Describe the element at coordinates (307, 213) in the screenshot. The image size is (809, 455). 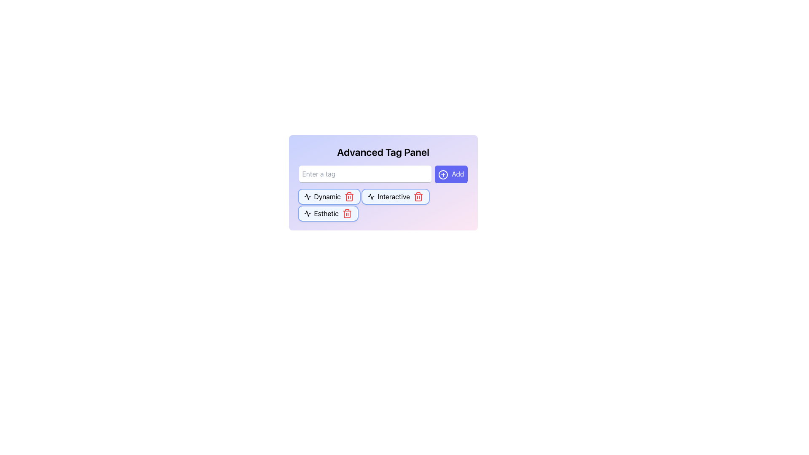
I see `the SVG Icon that visually represents the activity of the button labeled 'Esthetic'` at that location.